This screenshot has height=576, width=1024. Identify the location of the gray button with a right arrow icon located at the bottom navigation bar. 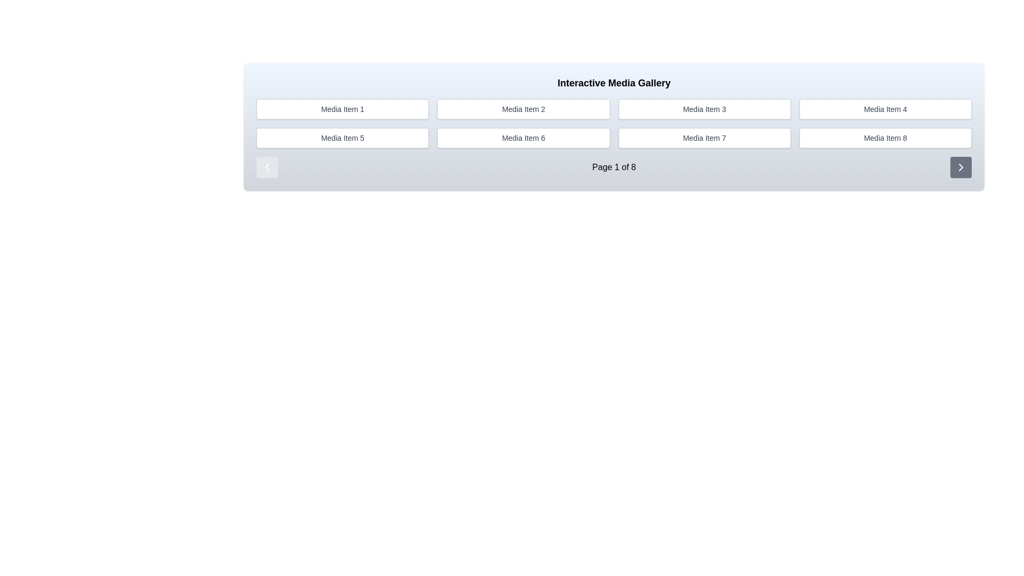
(961, 167).